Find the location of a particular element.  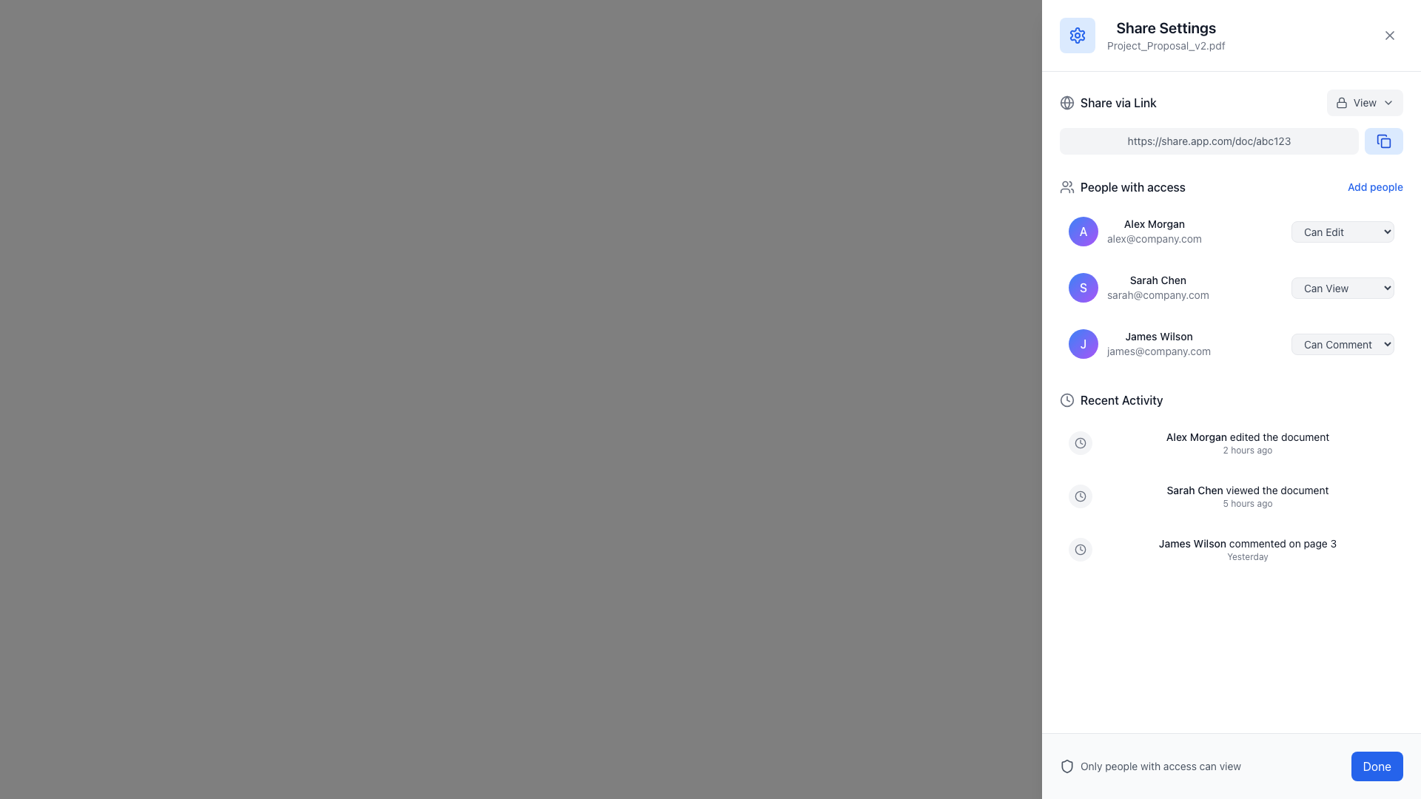

the dropdown menu button labeled 'Can Edit' is located at coordinates (1343, 231).